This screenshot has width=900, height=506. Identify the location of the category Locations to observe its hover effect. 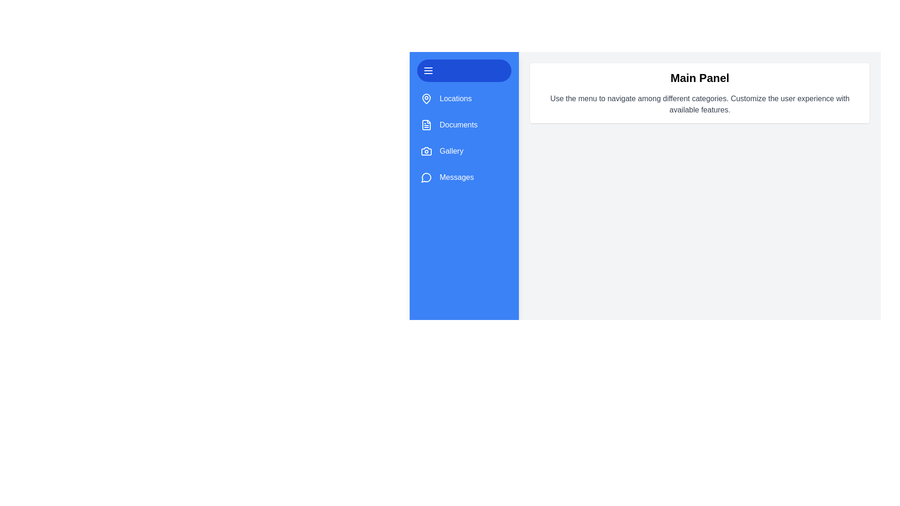
(464, 99).